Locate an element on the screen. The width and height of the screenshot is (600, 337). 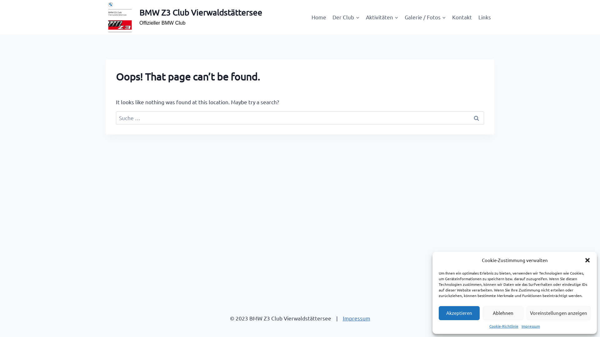
'Suche' is located at coordinates (476, 118).